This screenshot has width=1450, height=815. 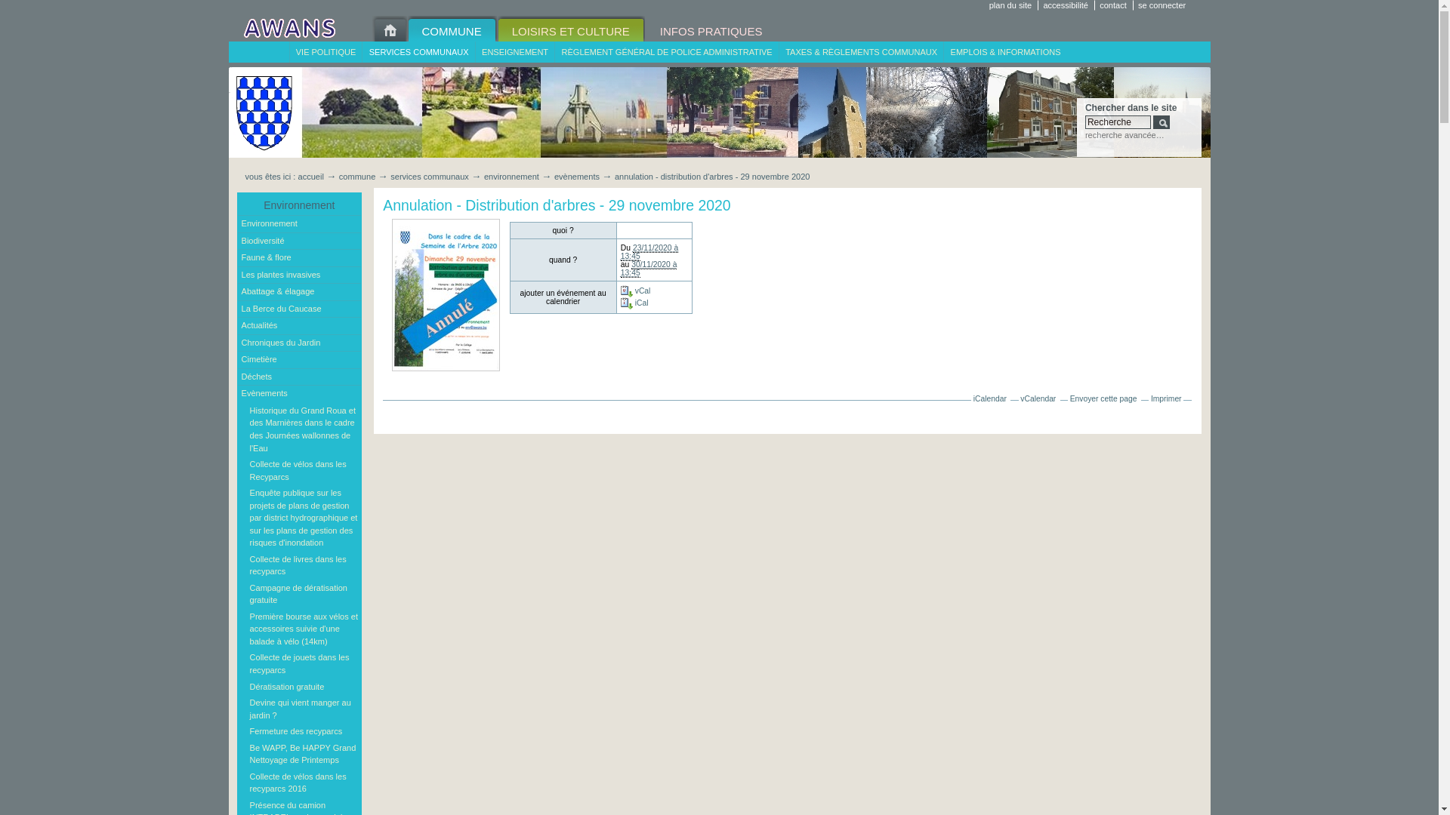 I want to click on 'SERVICES COMMUNAUX', so click(x=418, y=51).